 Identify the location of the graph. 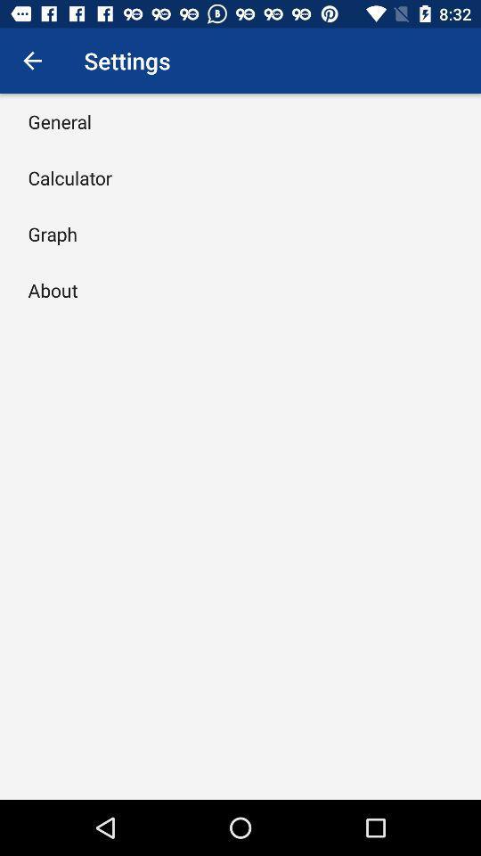
(53, 233).